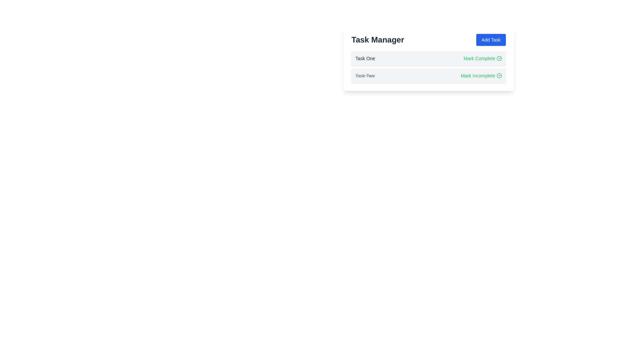 The image size is (639, 359). I want to click on the static text element displaying 'Task Two', which is styled with a strikethrough and gray font color, indicating it is marked as completed or inactive, so click(365, 75).